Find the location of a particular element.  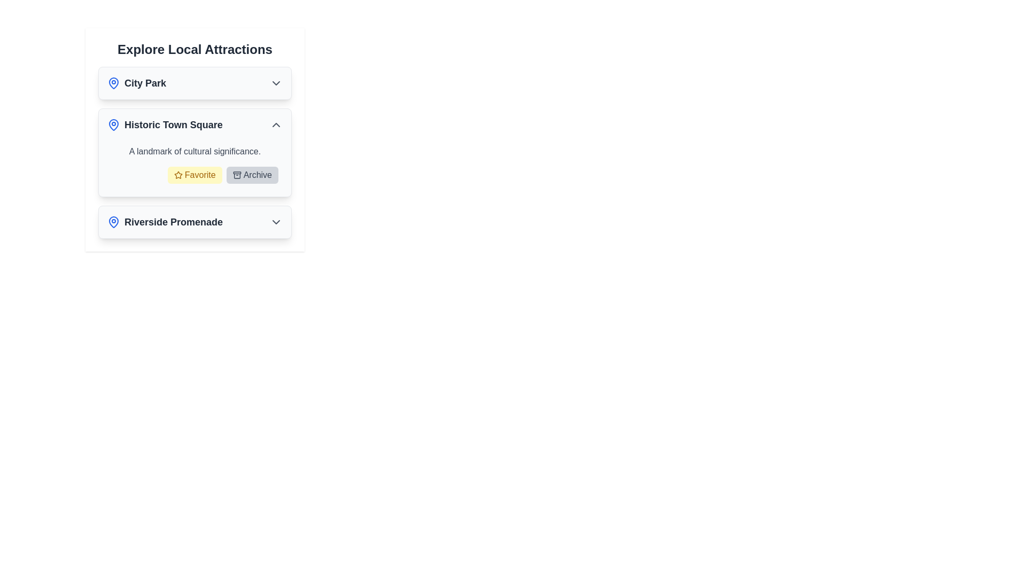

the 'Archive' button, which contains the icon representing the archiving action for managing content in the 'Historic Town Square' card is located at coordinates (236, 174).